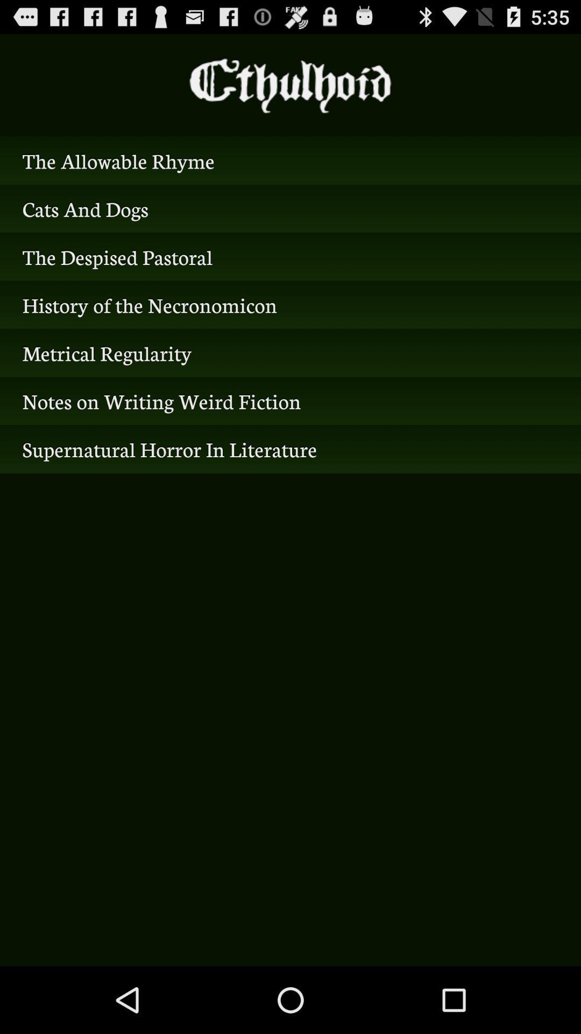 The image size is (581, 1034). I want to click on notes on writing, so click(290, 400).